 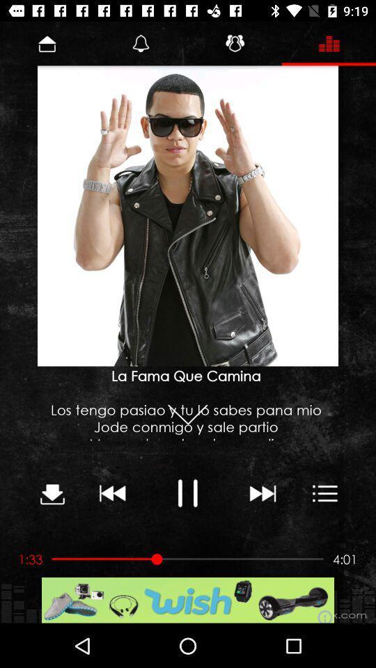 What do you see at coordinates (112, 493) in the screenshot?
I see `the av_rewind icon` at bounding box center [112, 493].